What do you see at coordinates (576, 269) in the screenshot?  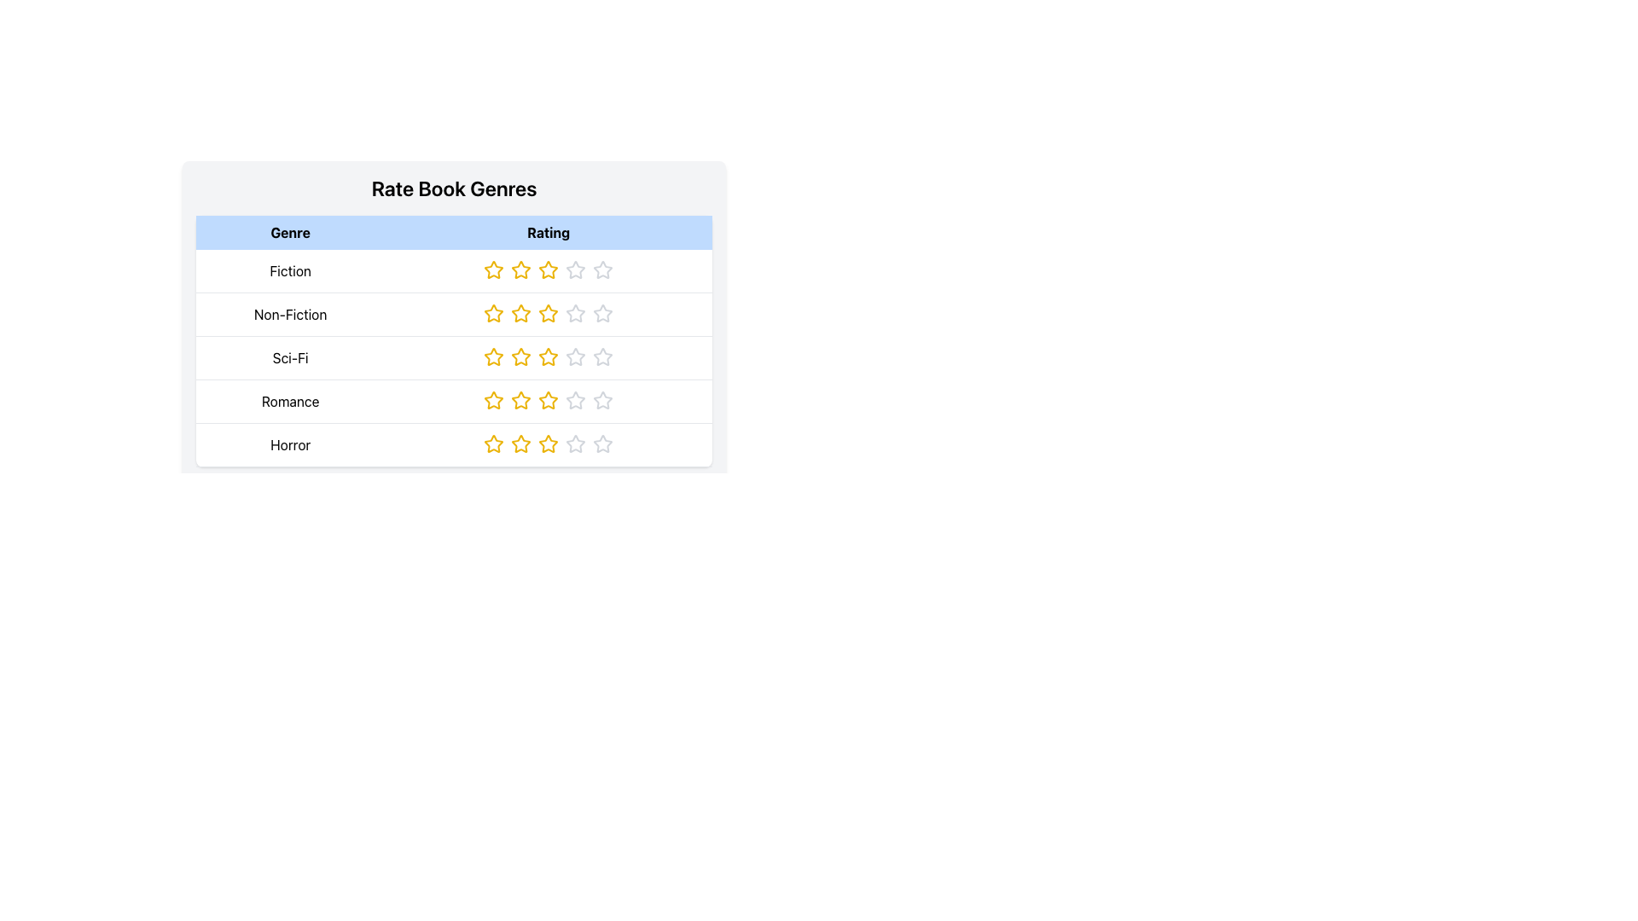 I see `the fourth star in the horizontal row of stars for the 'Fiction' genre` at bounding box center [576, 269].